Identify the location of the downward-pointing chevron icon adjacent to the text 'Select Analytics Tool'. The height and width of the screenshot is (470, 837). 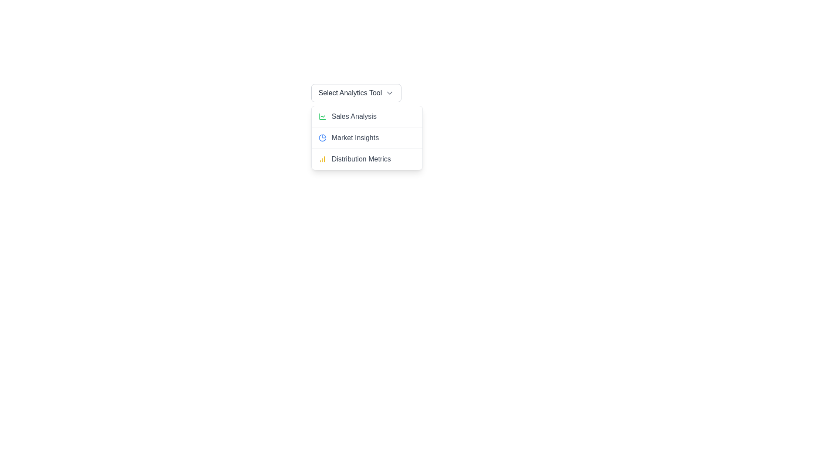
(389, 93).